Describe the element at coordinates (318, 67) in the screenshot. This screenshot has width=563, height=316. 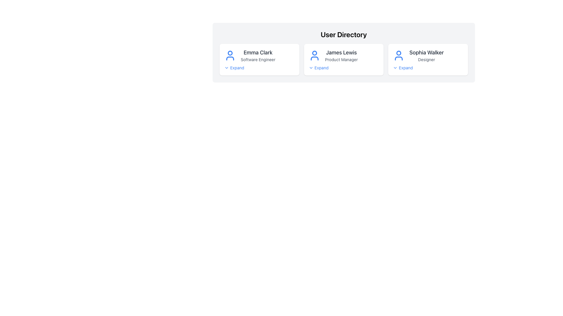
I see `the button located at the bottom of the 'James Lewis' card to interact with it` at that location.